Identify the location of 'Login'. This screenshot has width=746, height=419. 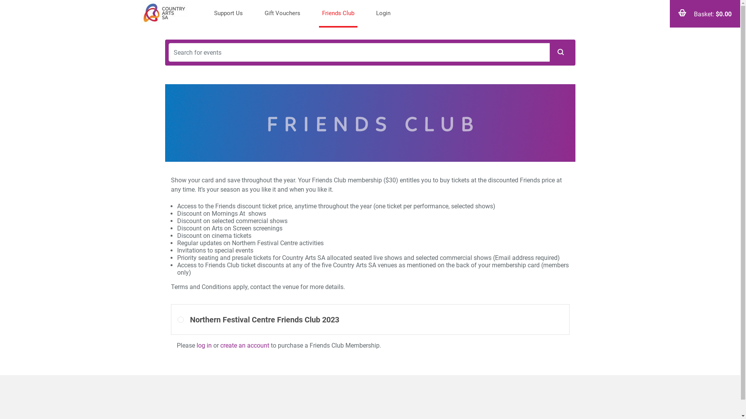
(383, 14).